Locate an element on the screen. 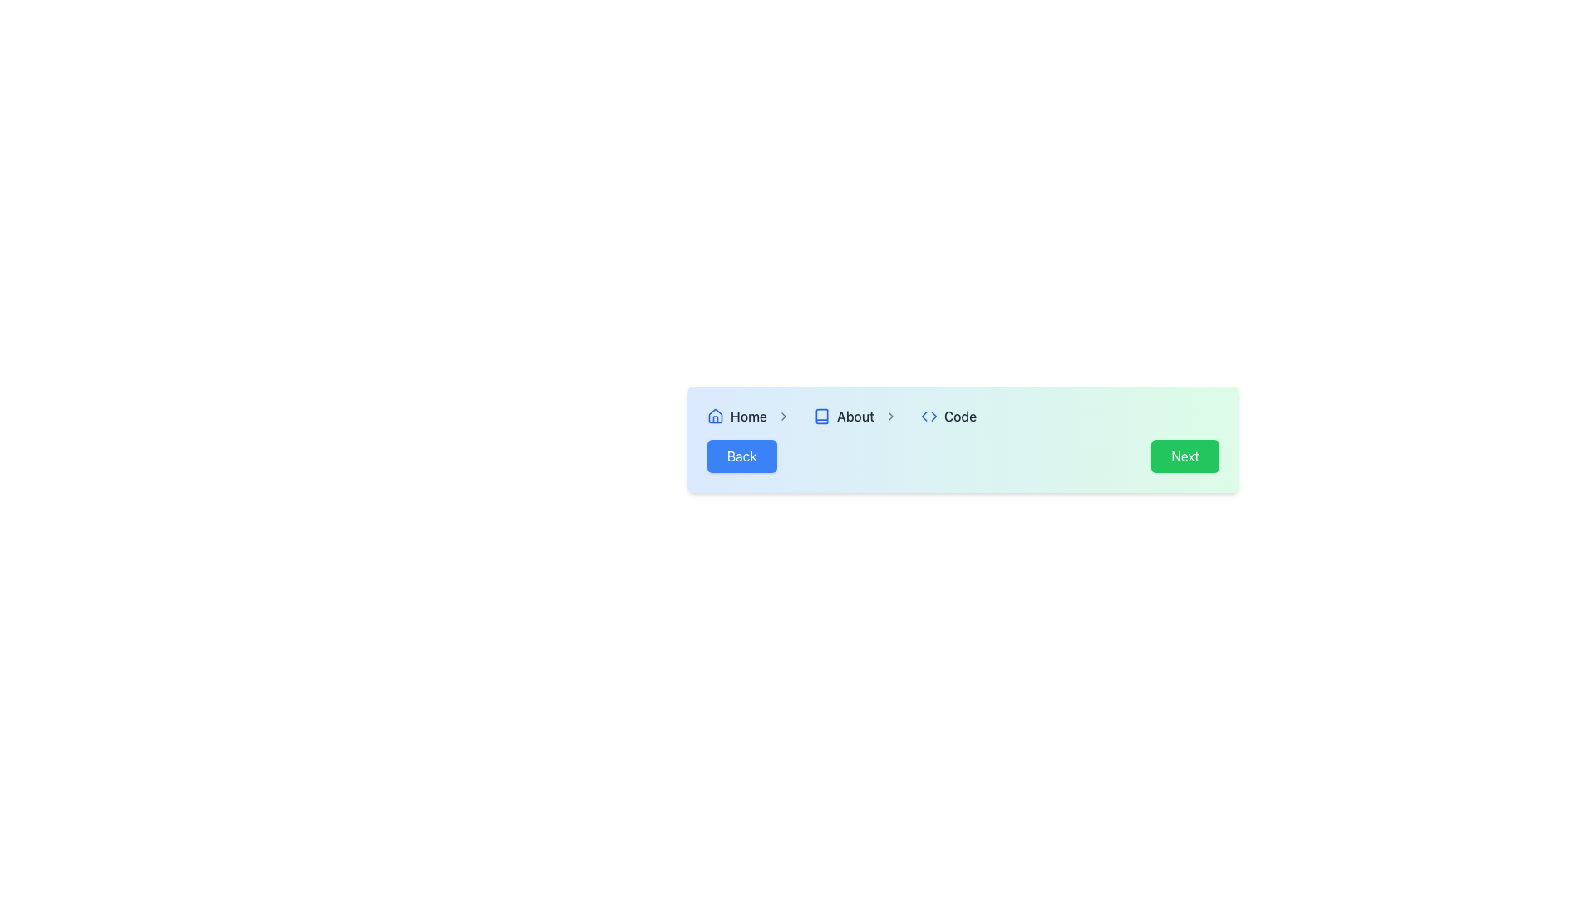  the 'Previous' button located in the bottom section of the interface, the first button from the left in a row of two buttons is located at coordinates (741, 456).